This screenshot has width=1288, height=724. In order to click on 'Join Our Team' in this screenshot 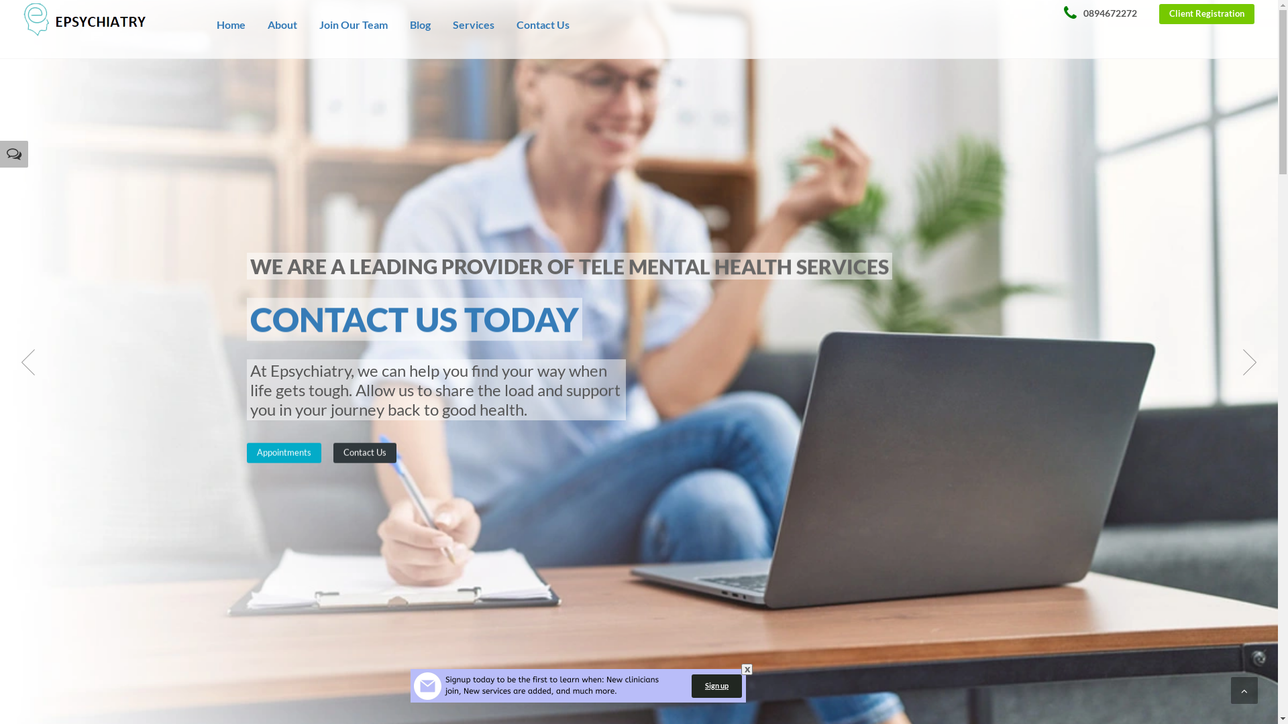, I will do `click(354, 37)`.